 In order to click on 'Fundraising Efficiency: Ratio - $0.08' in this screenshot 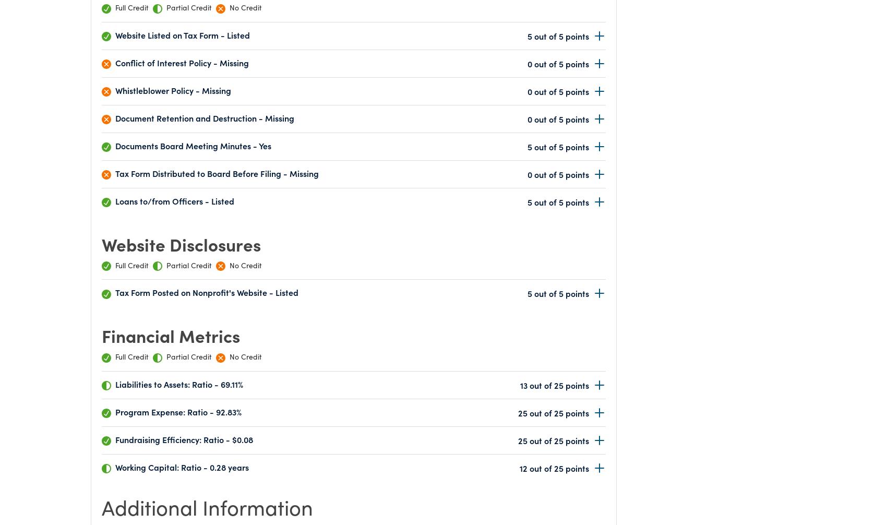, I will do `click(115, 439)`.